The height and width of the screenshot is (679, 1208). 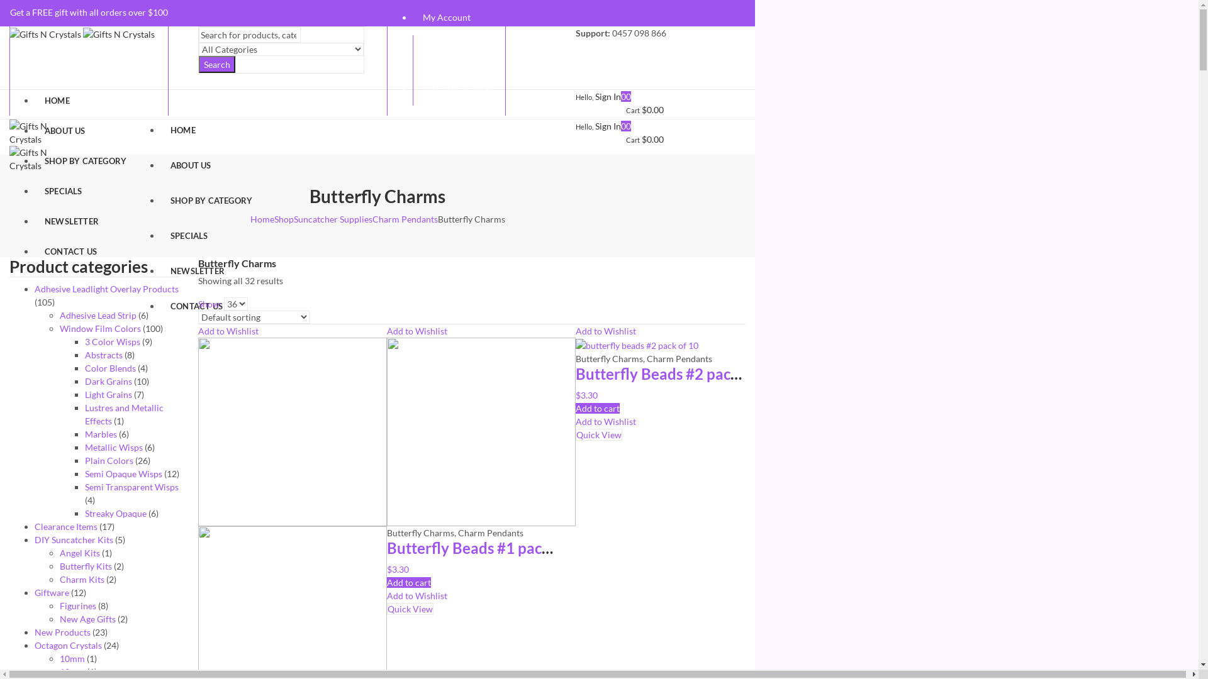 I want to click on 'Search', so click(x=217, y=64).